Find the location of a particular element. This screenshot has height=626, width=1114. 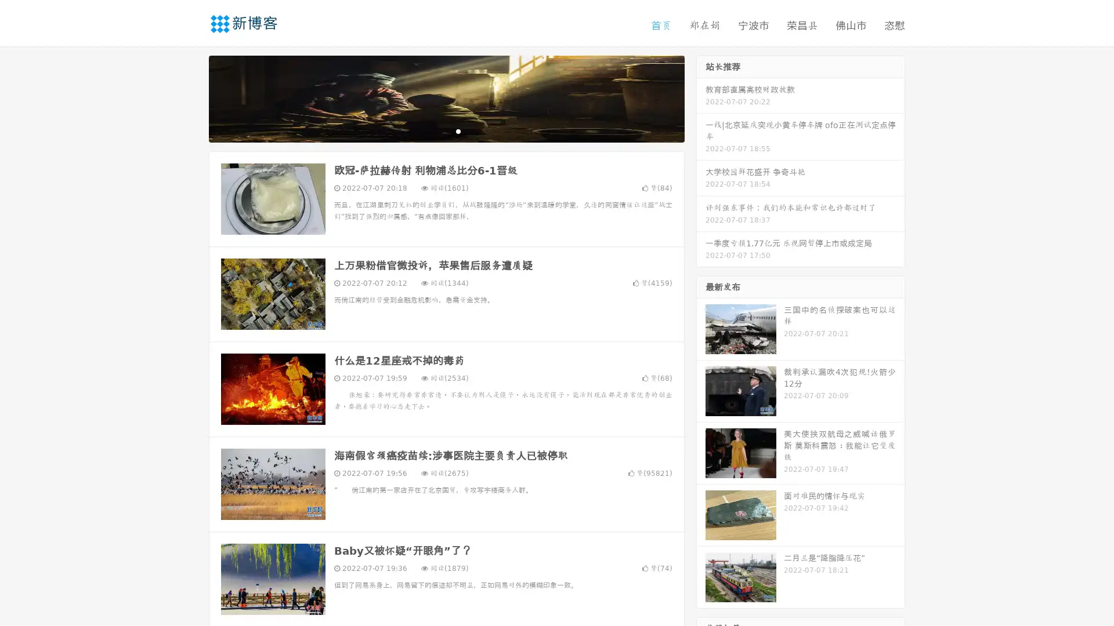

Go to slide 3 is located at coordinates (458, 130).